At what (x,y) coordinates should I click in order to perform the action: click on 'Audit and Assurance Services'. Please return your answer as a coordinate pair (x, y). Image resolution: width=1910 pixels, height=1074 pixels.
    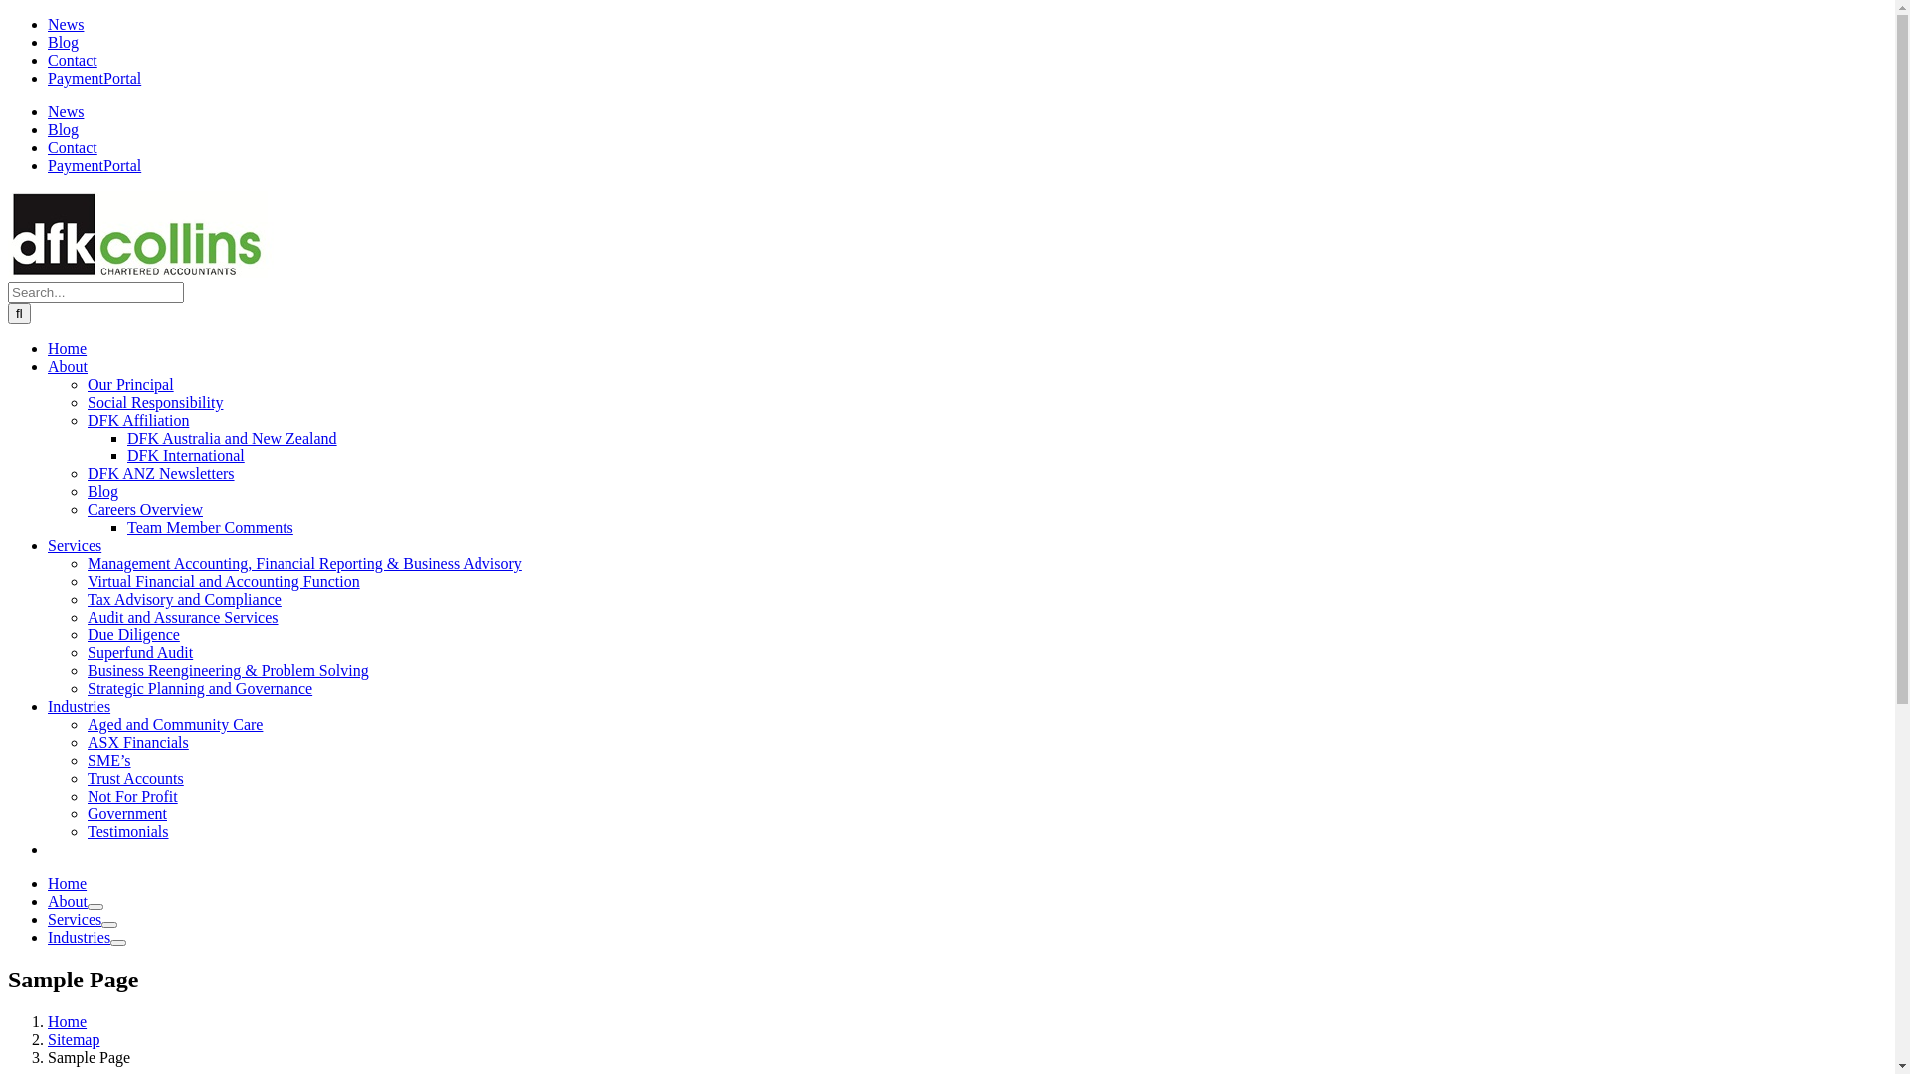
    Looking at the image, I should click on (182, 616).